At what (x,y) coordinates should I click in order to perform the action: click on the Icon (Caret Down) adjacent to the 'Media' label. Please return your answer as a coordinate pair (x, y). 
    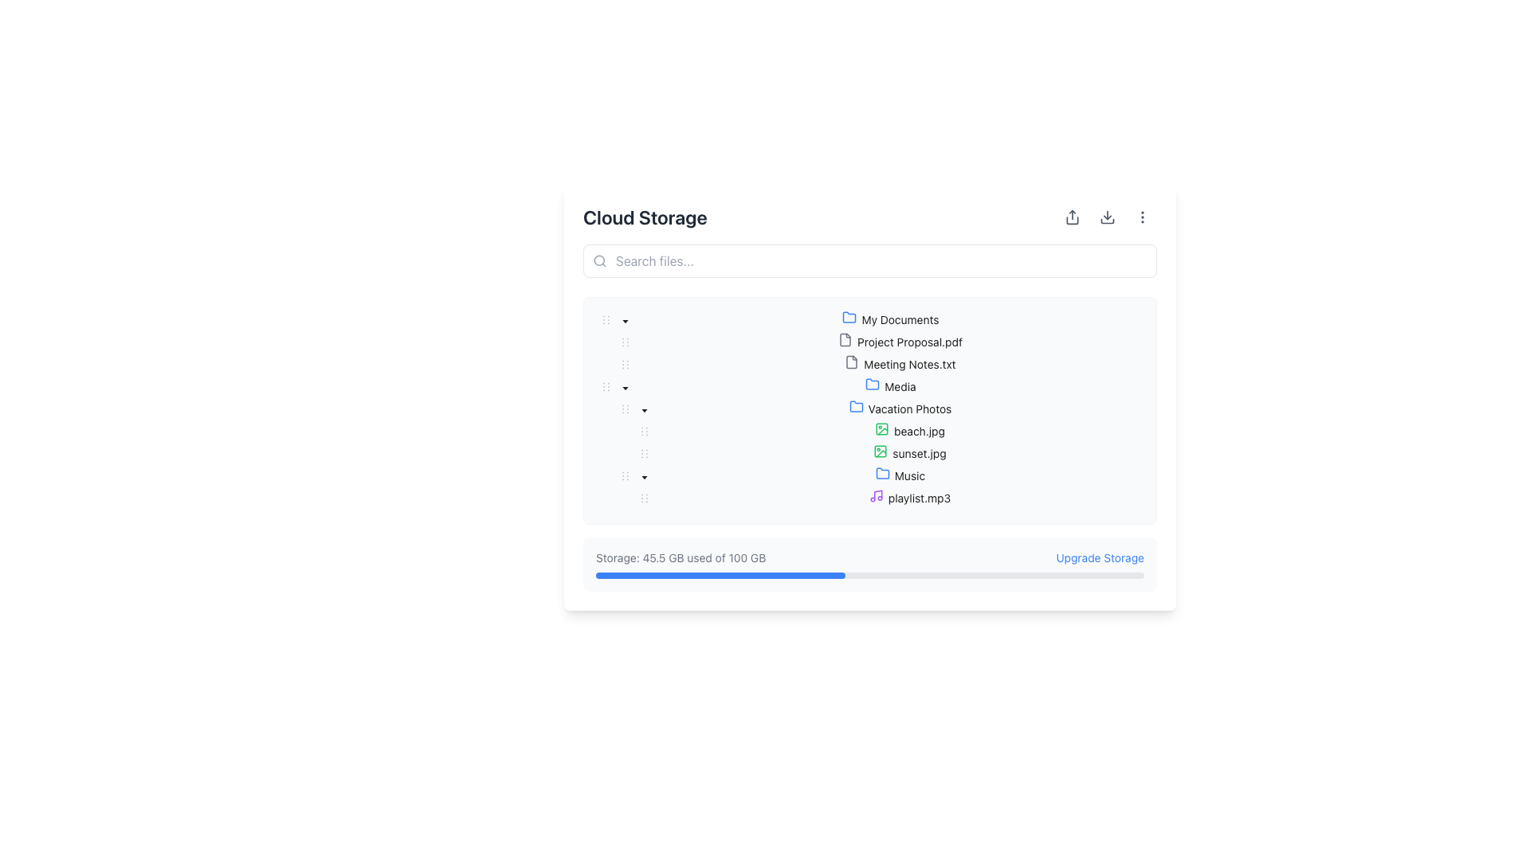
    Looking at the image, I should click on (645, 410).